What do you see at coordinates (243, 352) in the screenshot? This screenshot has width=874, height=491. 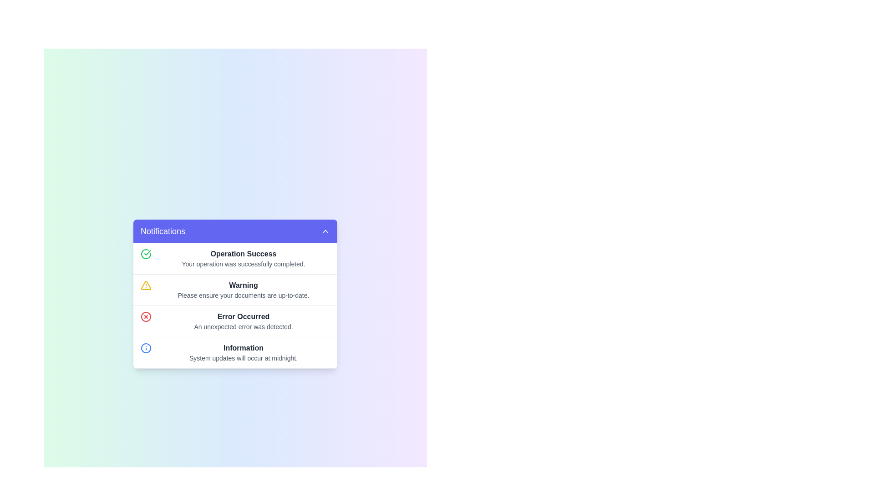 I see `the fourth item in the Notifications panel that provides information about a scheduled update occurring at midnight` at bounding box center [243, 352].